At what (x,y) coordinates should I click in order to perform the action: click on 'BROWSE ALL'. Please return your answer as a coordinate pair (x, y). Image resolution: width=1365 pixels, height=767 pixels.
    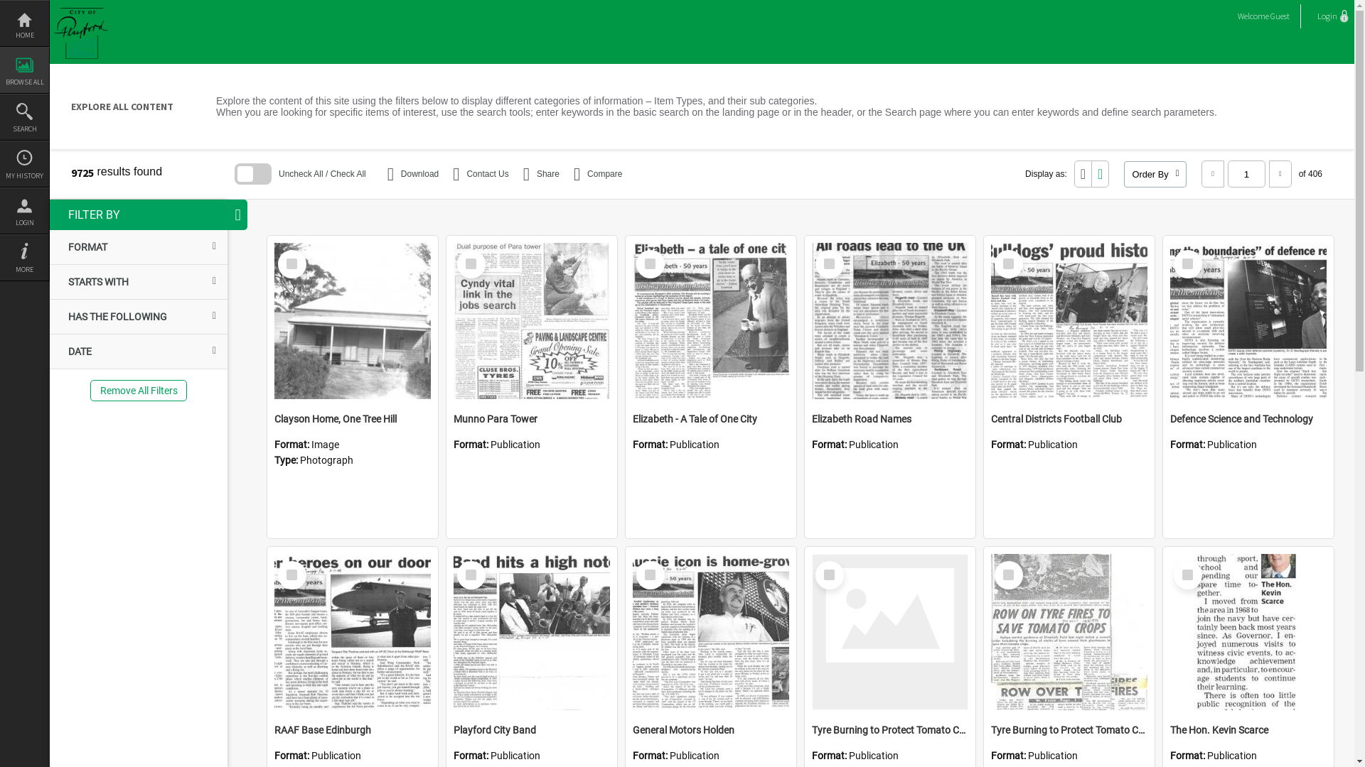
    Looking at the image, I should click on (24, 70).